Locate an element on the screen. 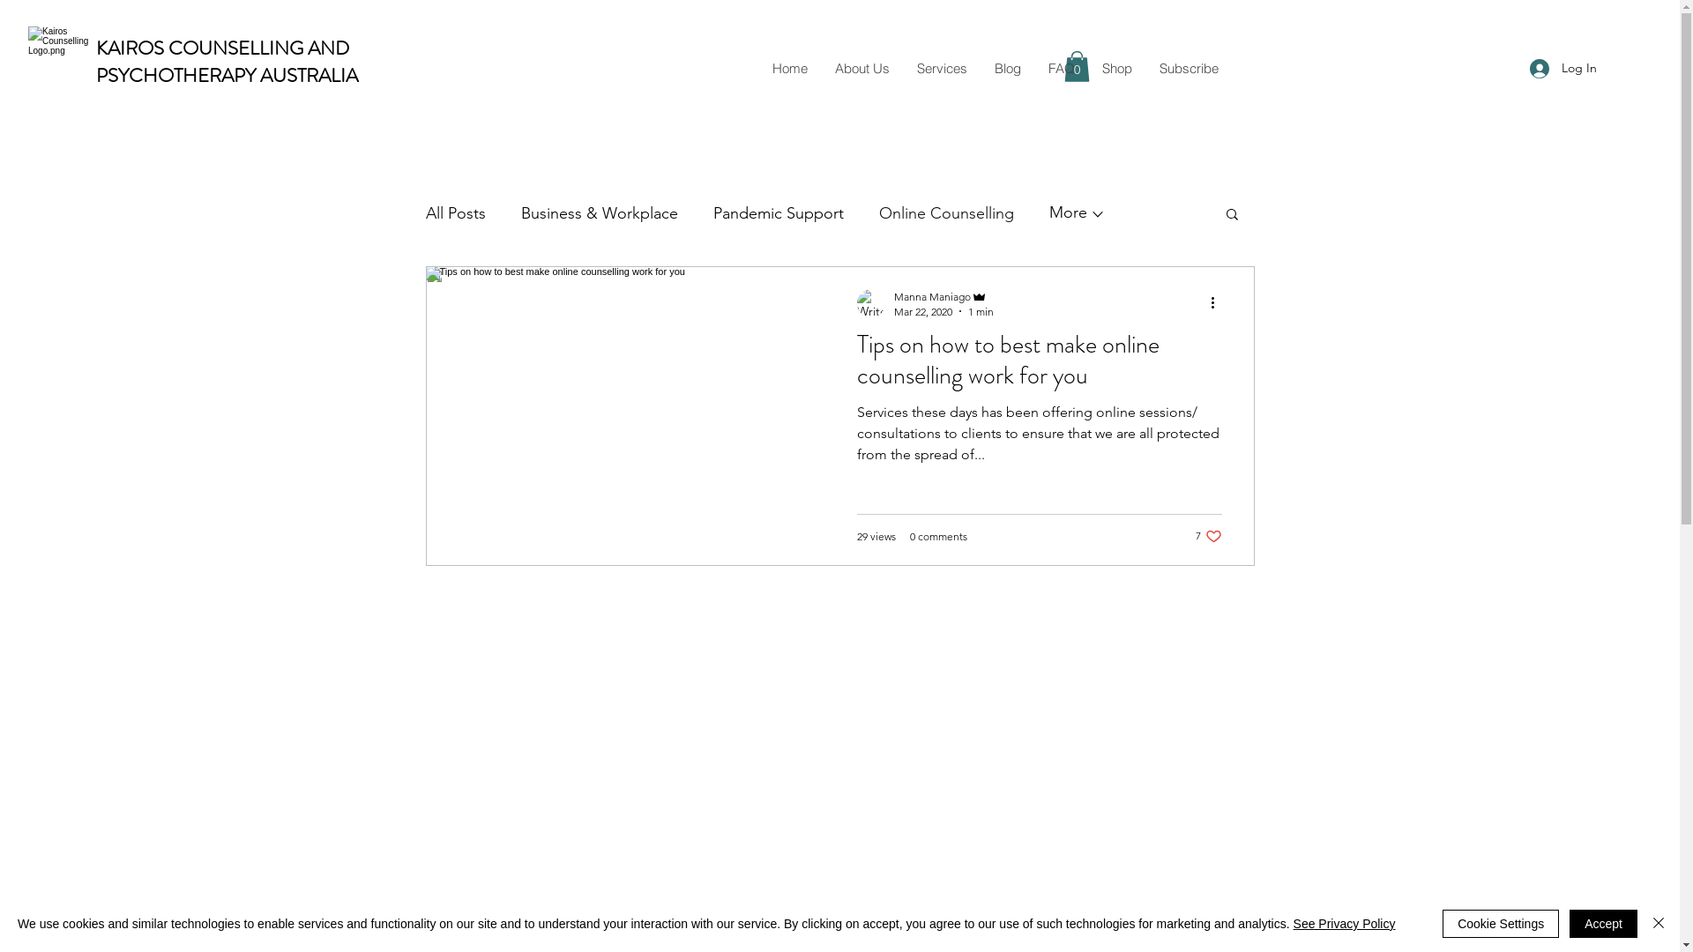  'See Privacy Policy' is located at coordinates (1344, 923).